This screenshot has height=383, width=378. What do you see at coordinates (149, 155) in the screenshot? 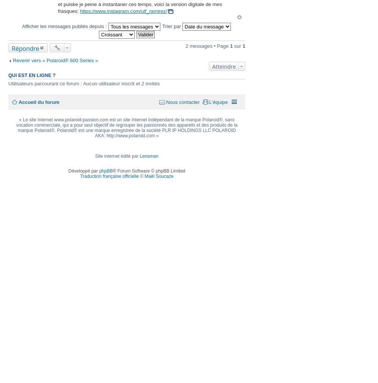
I see `'Lensman'` at bounding box center [149, 155].